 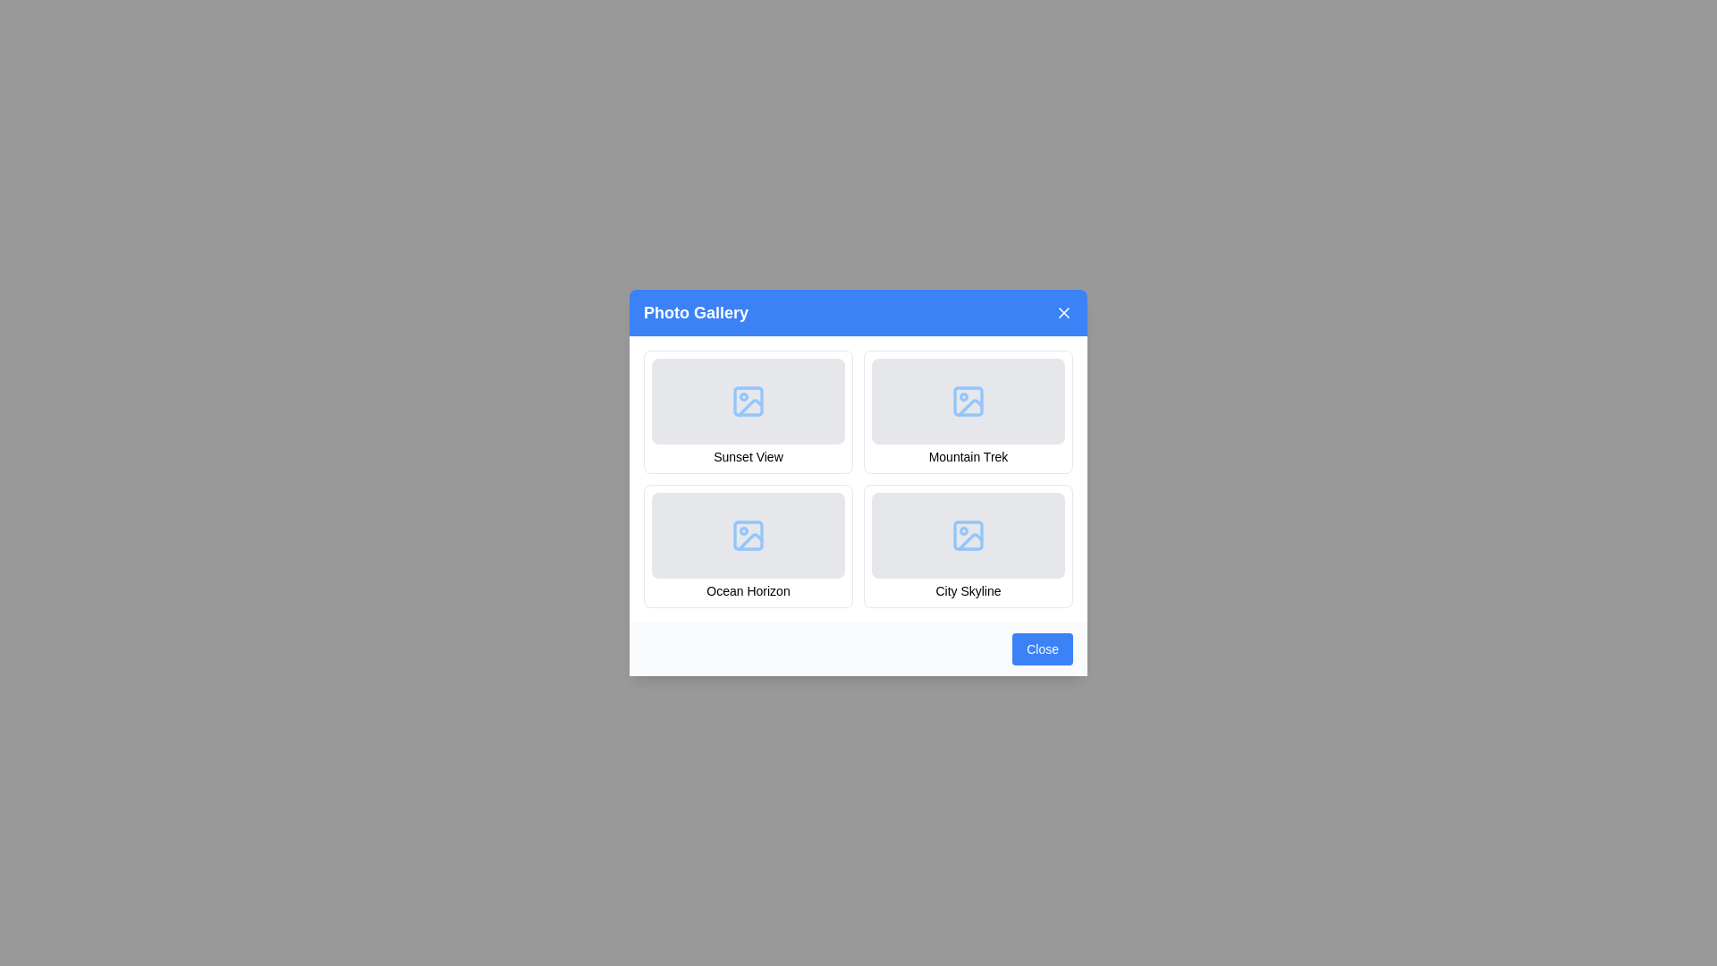 I want to click on the grid item labeled 'Ocean Horizon', so click(x=748, y=545).